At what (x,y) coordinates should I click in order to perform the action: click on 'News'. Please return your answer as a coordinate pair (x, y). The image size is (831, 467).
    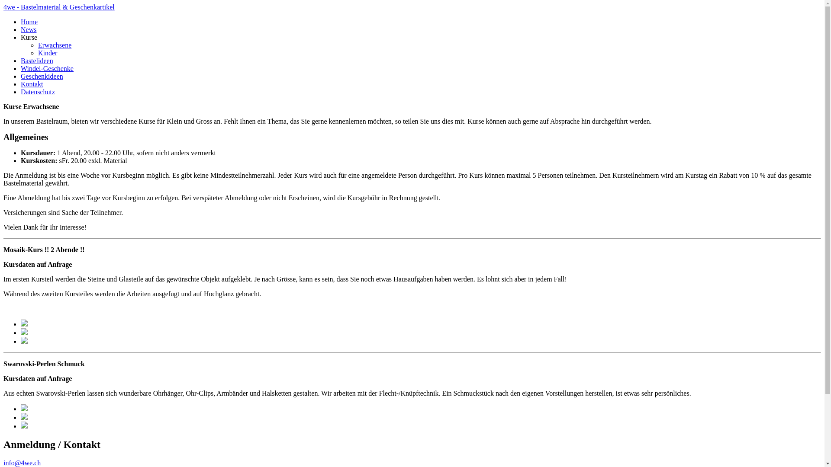
    Looking at the image, I should click on (21, 29).